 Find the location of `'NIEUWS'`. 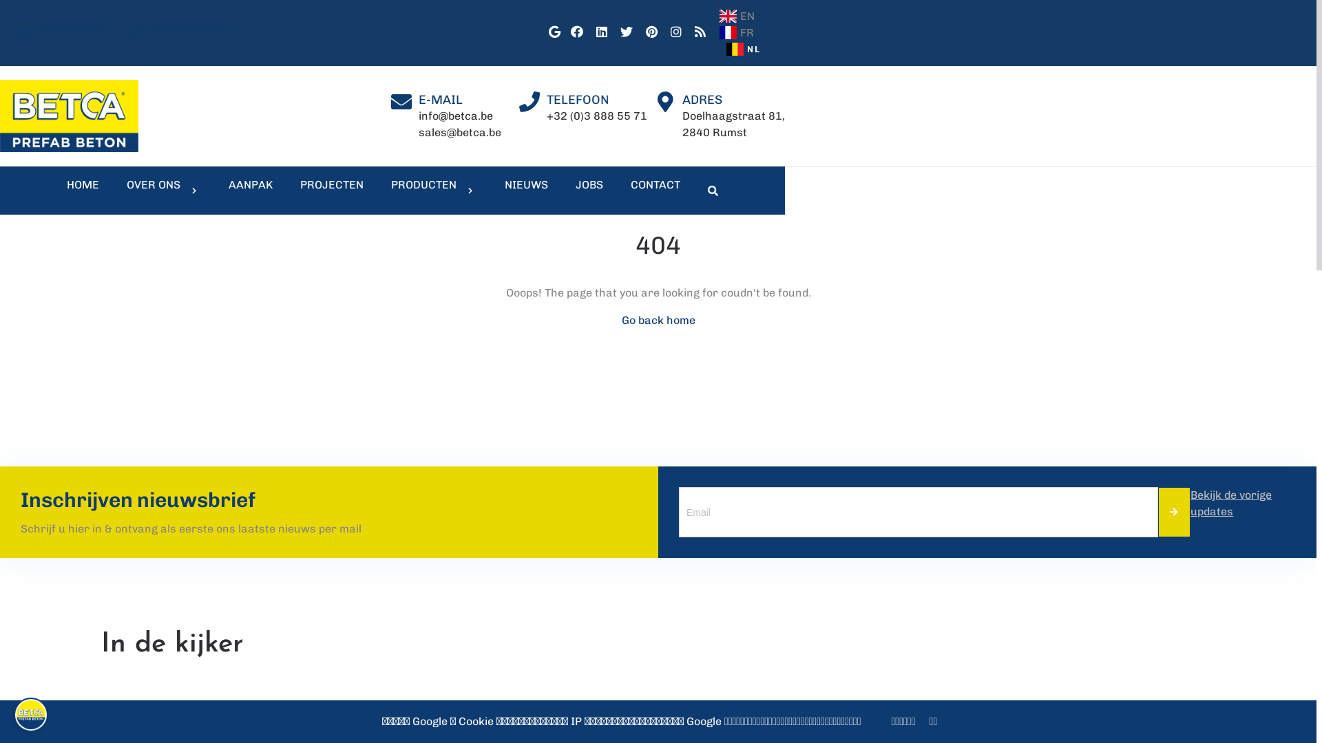

'NIEUWS' is located at coordinates (525, 191).